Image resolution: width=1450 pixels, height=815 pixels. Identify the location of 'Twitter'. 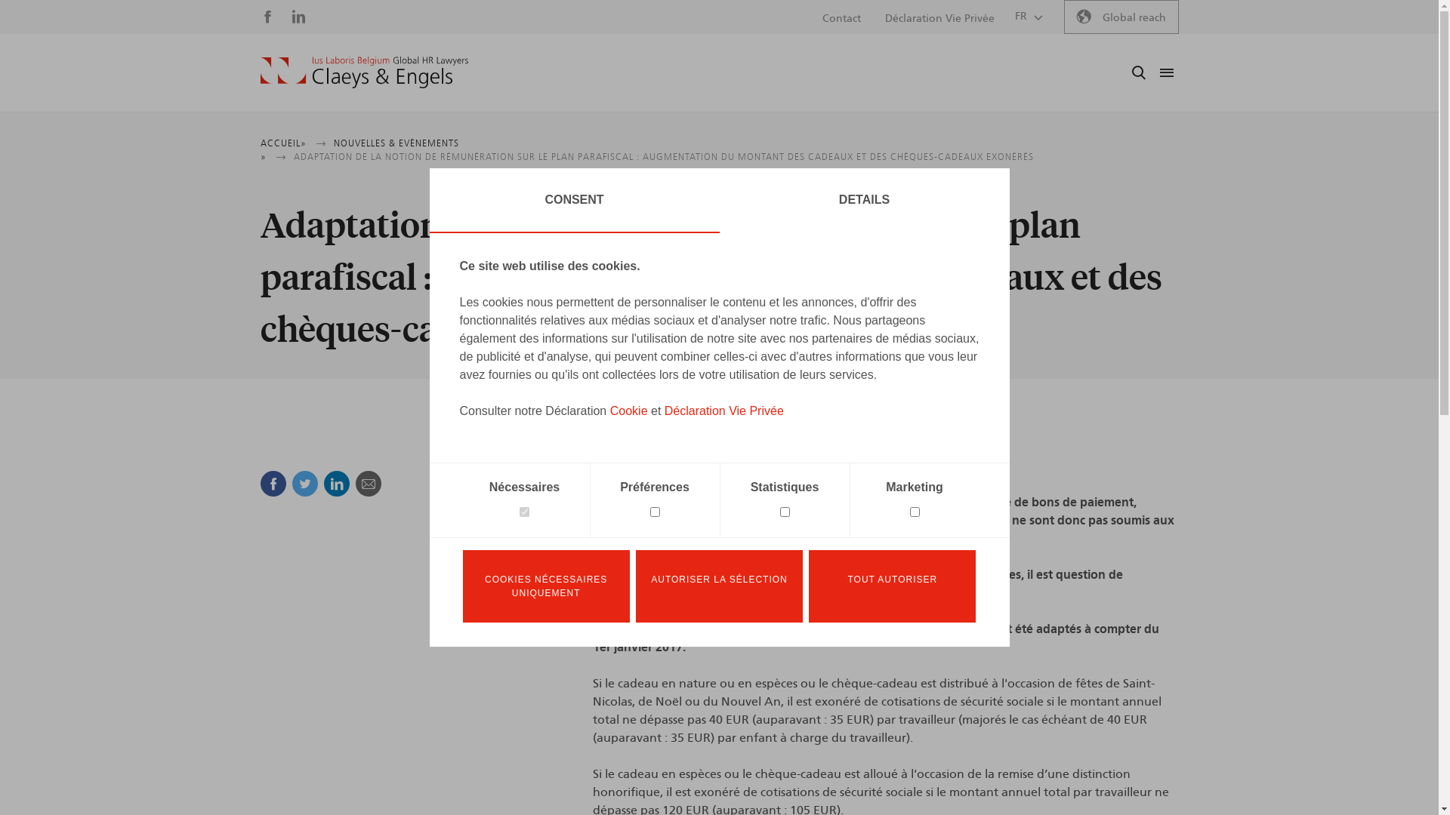
(304, 483).